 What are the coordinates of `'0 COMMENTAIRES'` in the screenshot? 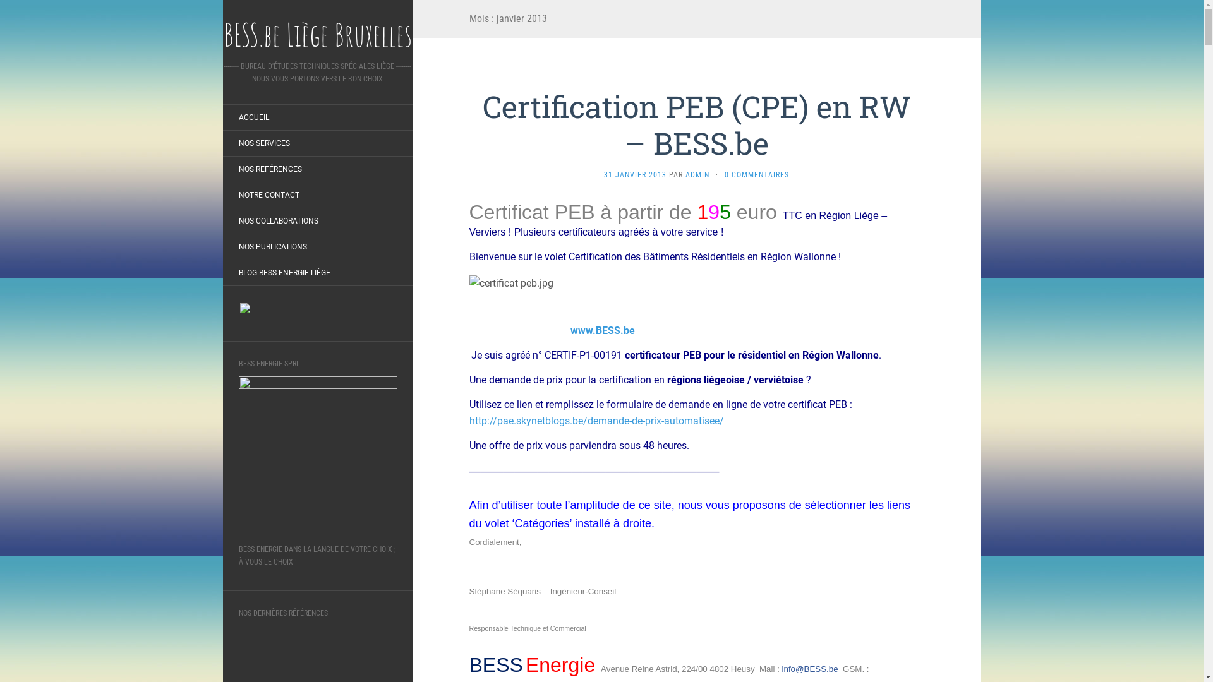 It's located at (757, 175).